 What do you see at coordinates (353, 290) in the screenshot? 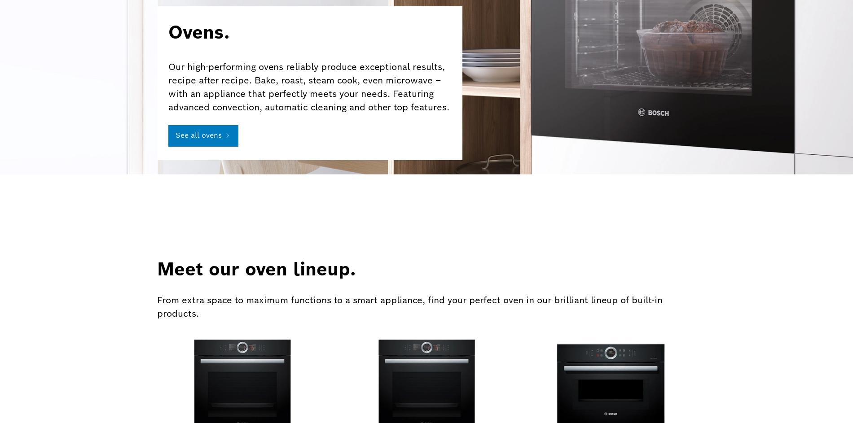
I see `'Outstanding service – before and after the purchase.'` at bounding box center [353, 290].